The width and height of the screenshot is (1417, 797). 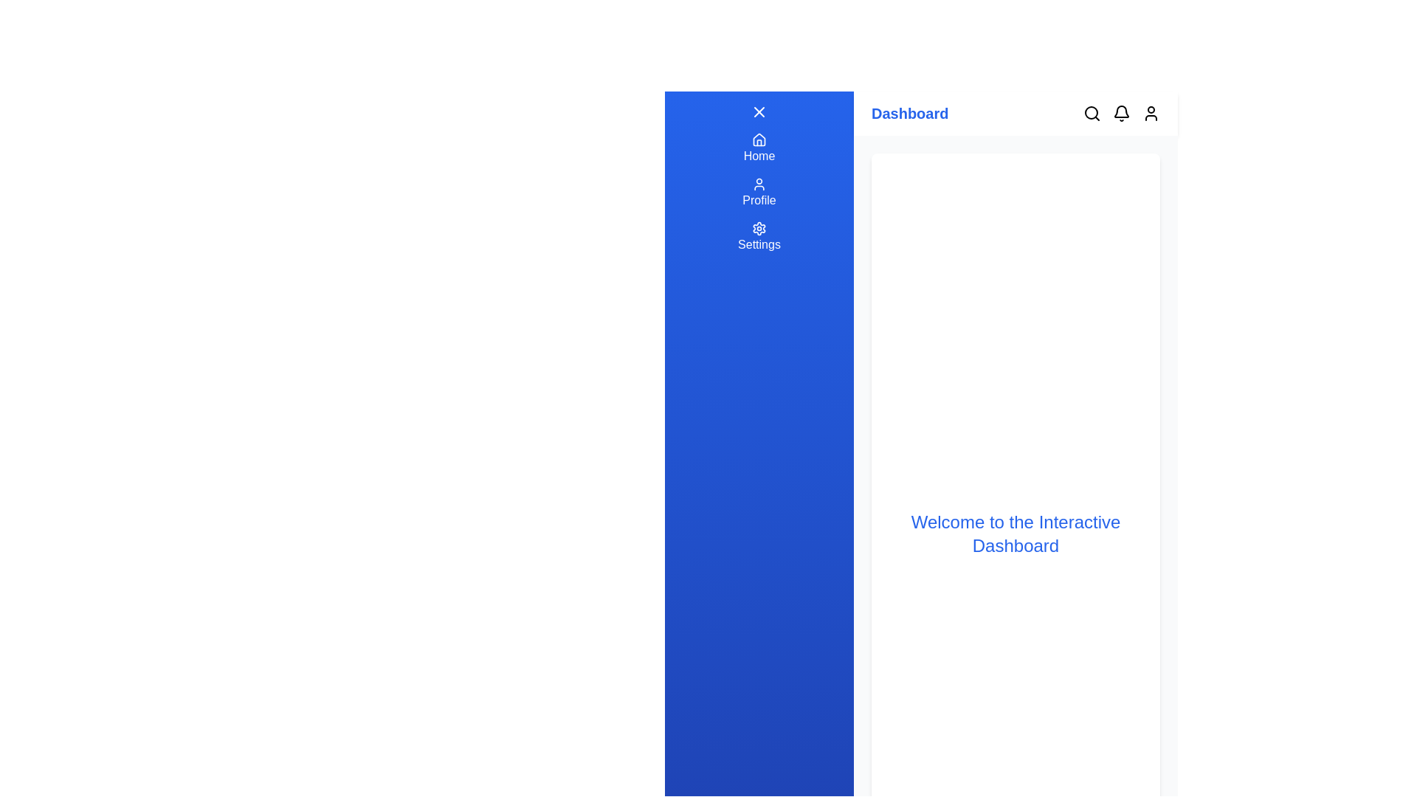 What do you see at coordinates (759, 244) in the screenshot?
I see `the 'Settings' label located below the settings gear icon in the vertical menu` at bounding box center [759, 244].